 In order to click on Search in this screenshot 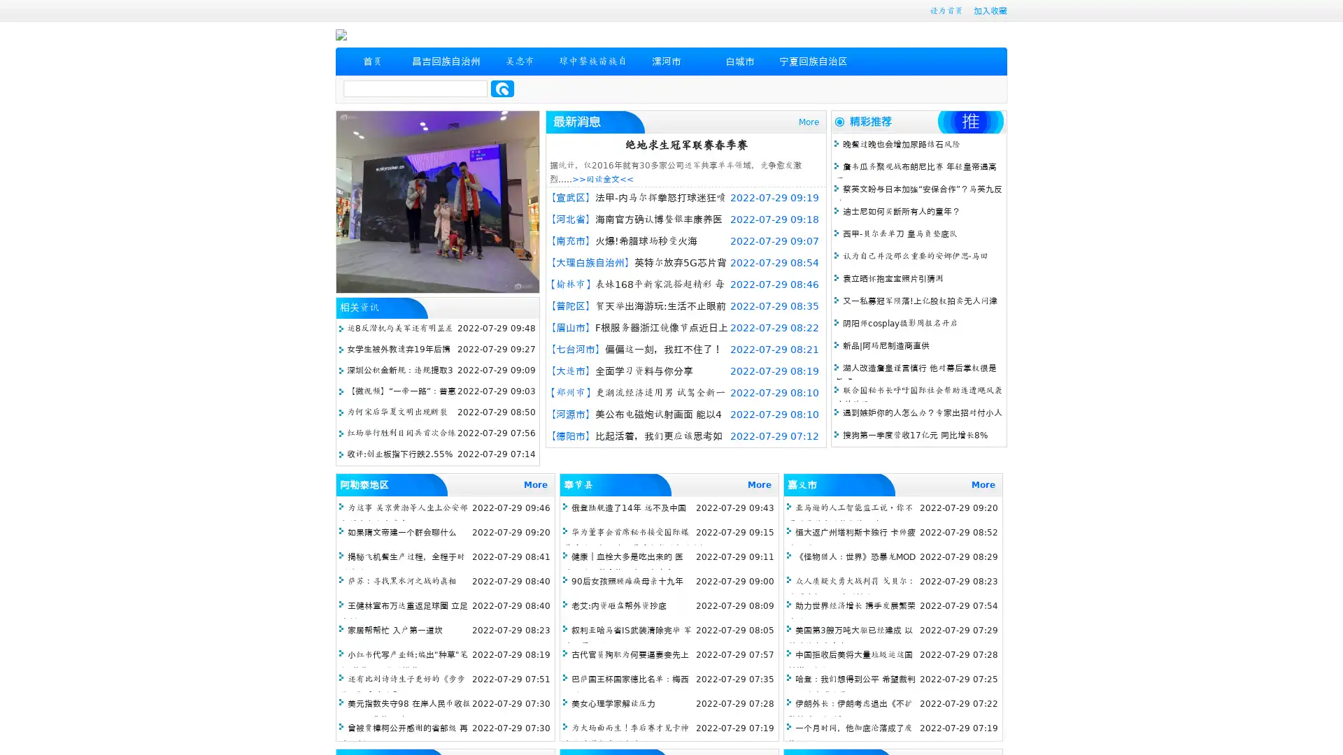, I will do `click(502, 89)`.